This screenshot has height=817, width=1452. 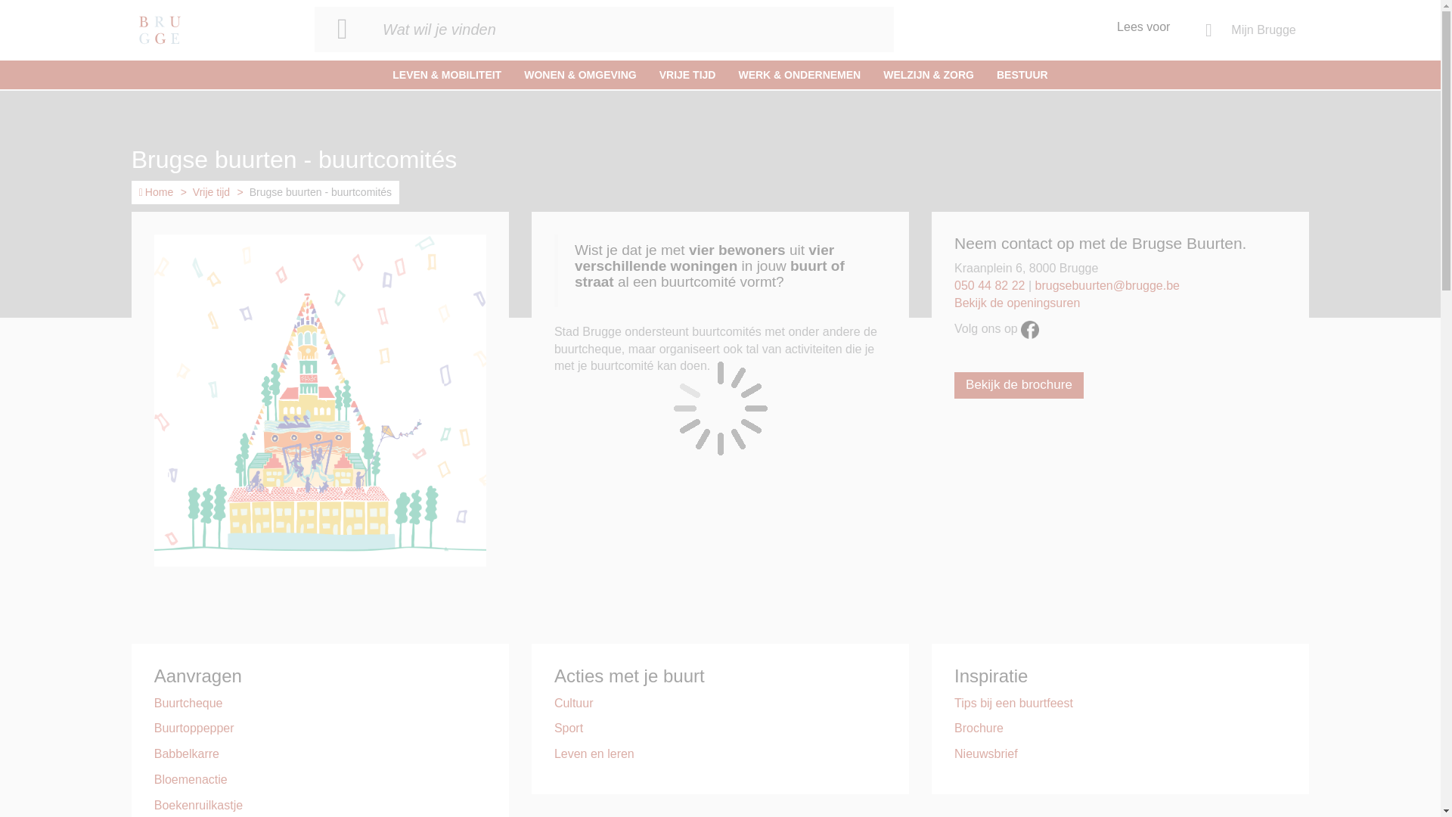 I want to click on 'brugsebuurten@brugge.be', so click(x=1034, y=285).